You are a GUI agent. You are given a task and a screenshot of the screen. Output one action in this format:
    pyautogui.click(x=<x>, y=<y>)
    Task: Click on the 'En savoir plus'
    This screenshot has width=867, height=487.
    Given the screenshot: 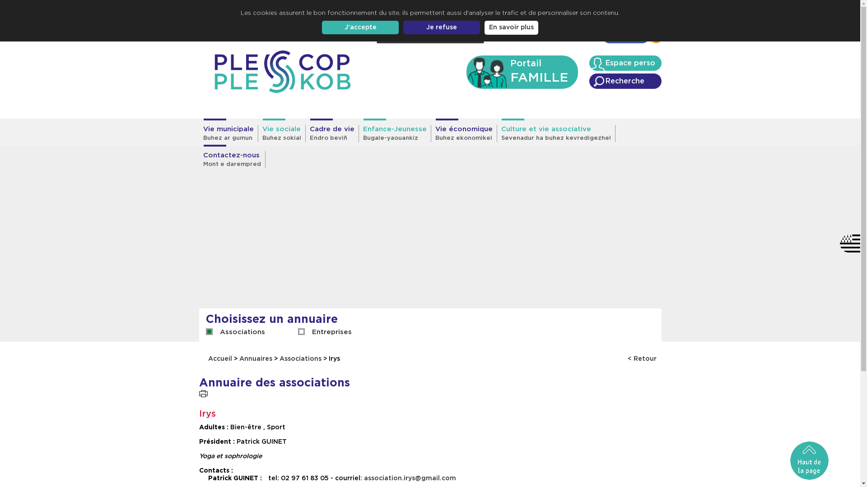 What is the action you would take?
    pyautogui.click(x=511, y=27)
    